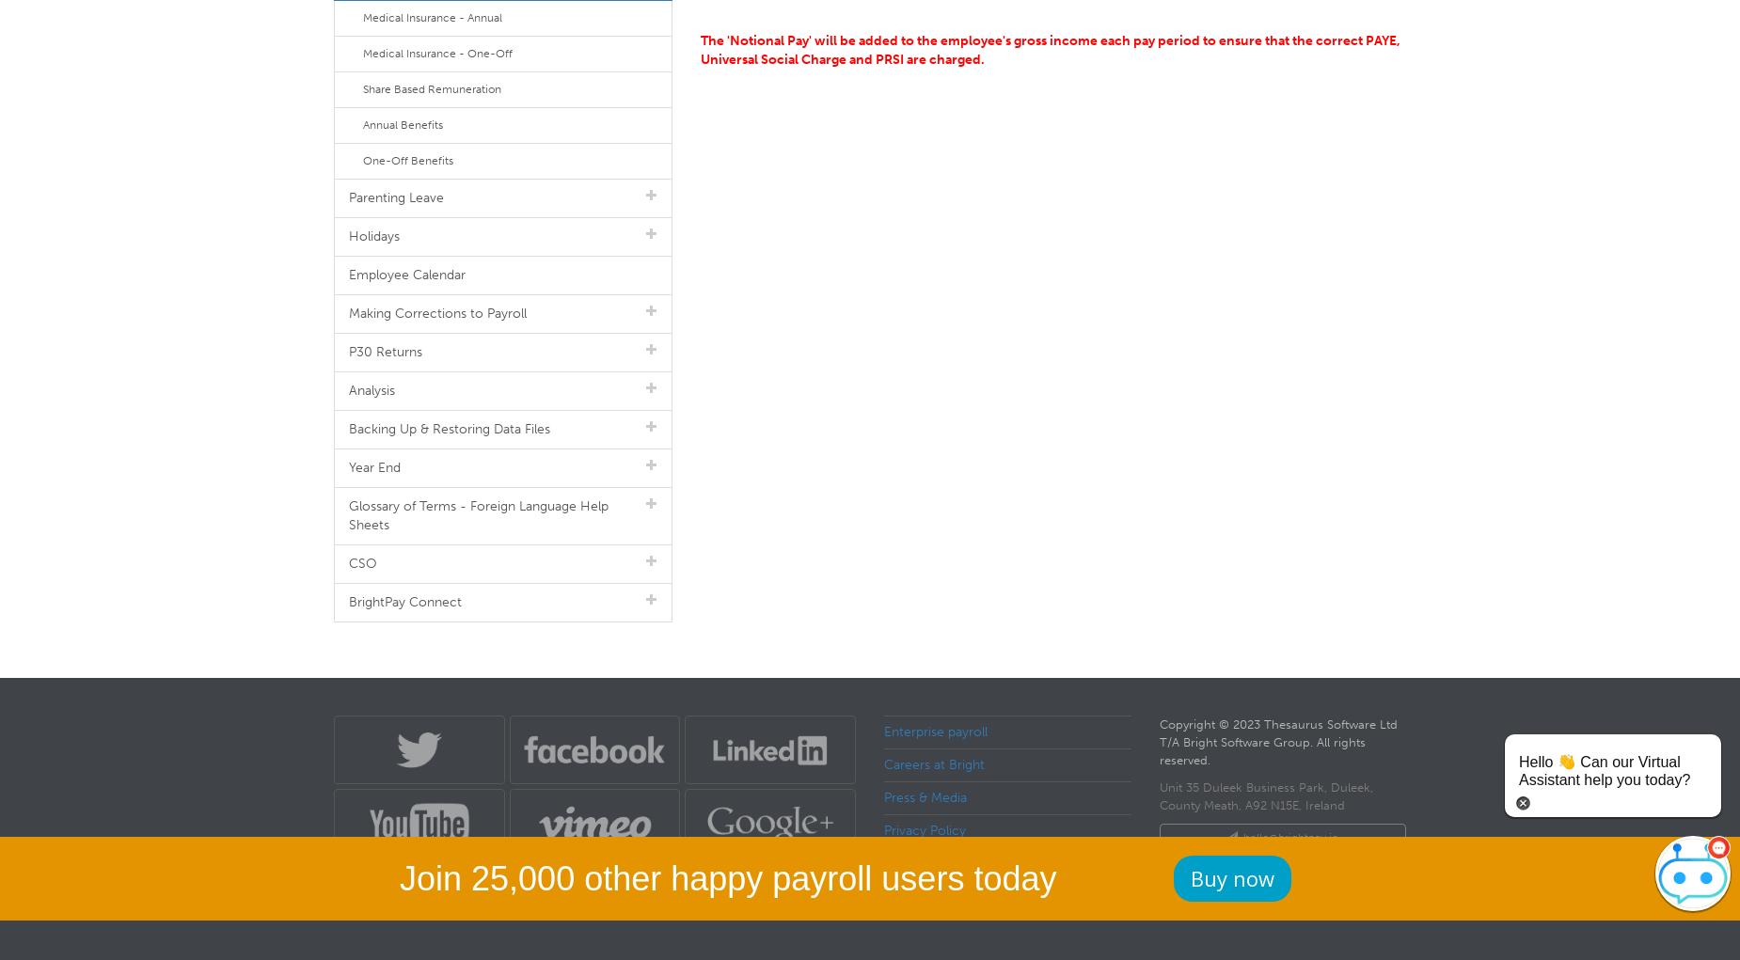  What do you see at coordinates (361, 563) in the screenshot?
I see `'CSO'` at bounding box center [361, 563].